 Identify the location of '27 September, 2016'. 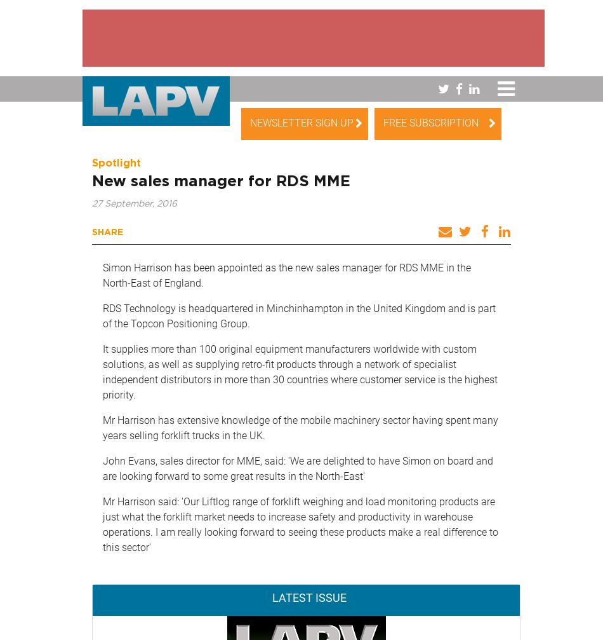
(135, 203).